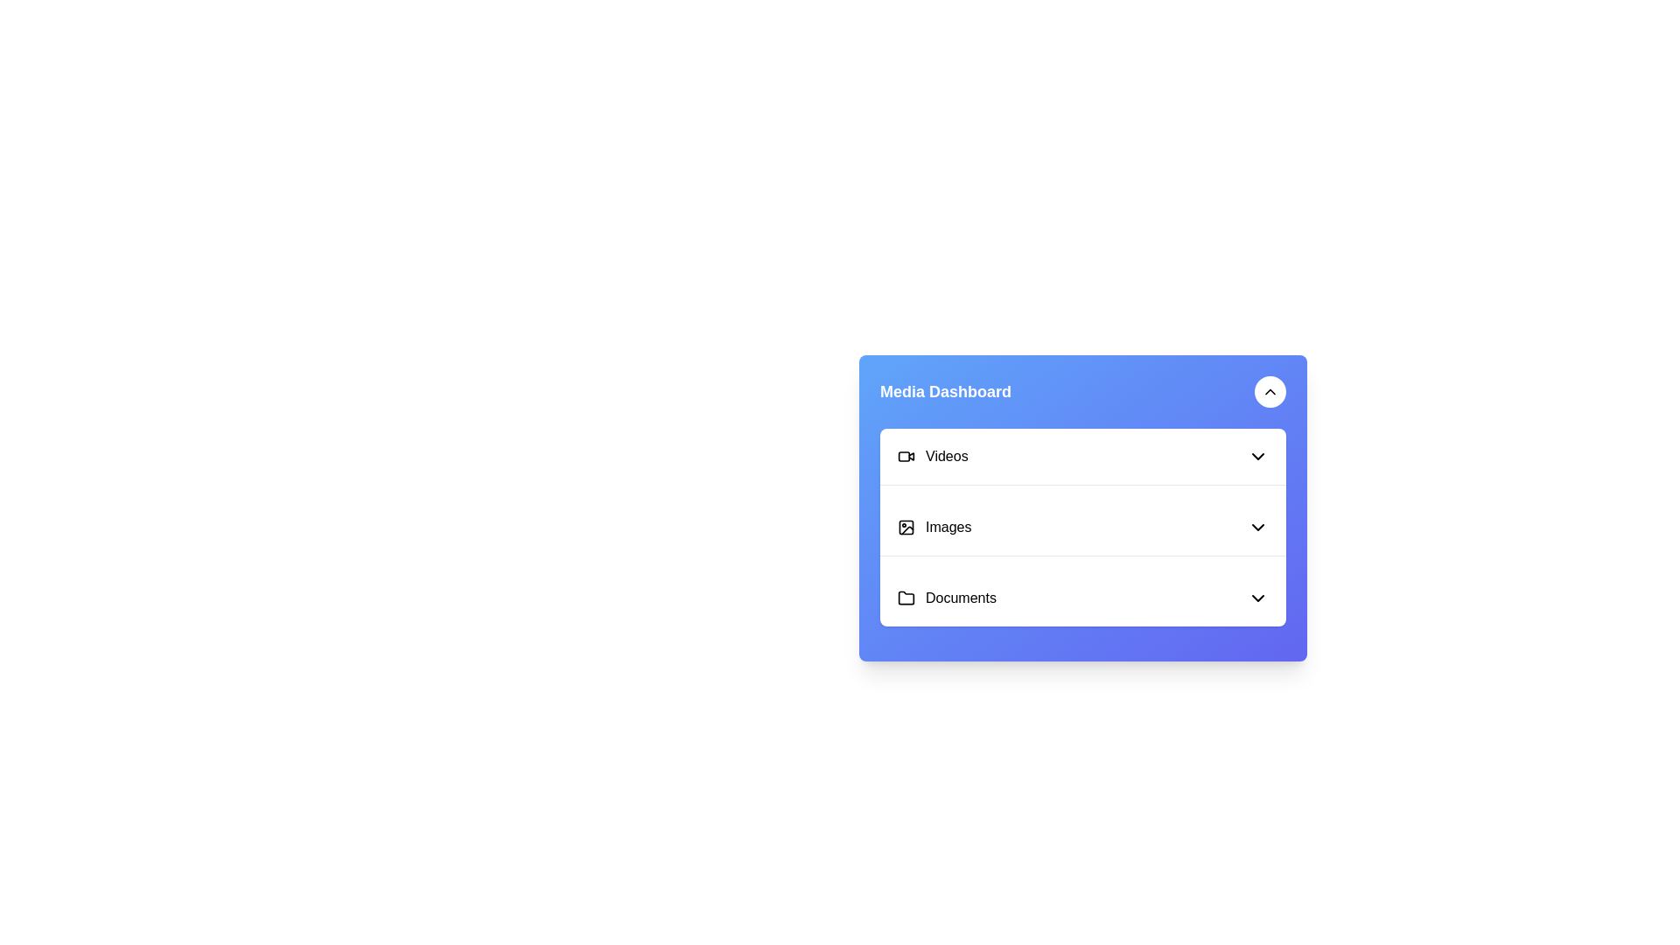  What do you see at coordinates (906, 526) in the screenshot?
I see `the 'Images' icon located in the second row of the 'Media Dashboard' panel, which precedes the text 'Images'` at bounding box center [906, 526].